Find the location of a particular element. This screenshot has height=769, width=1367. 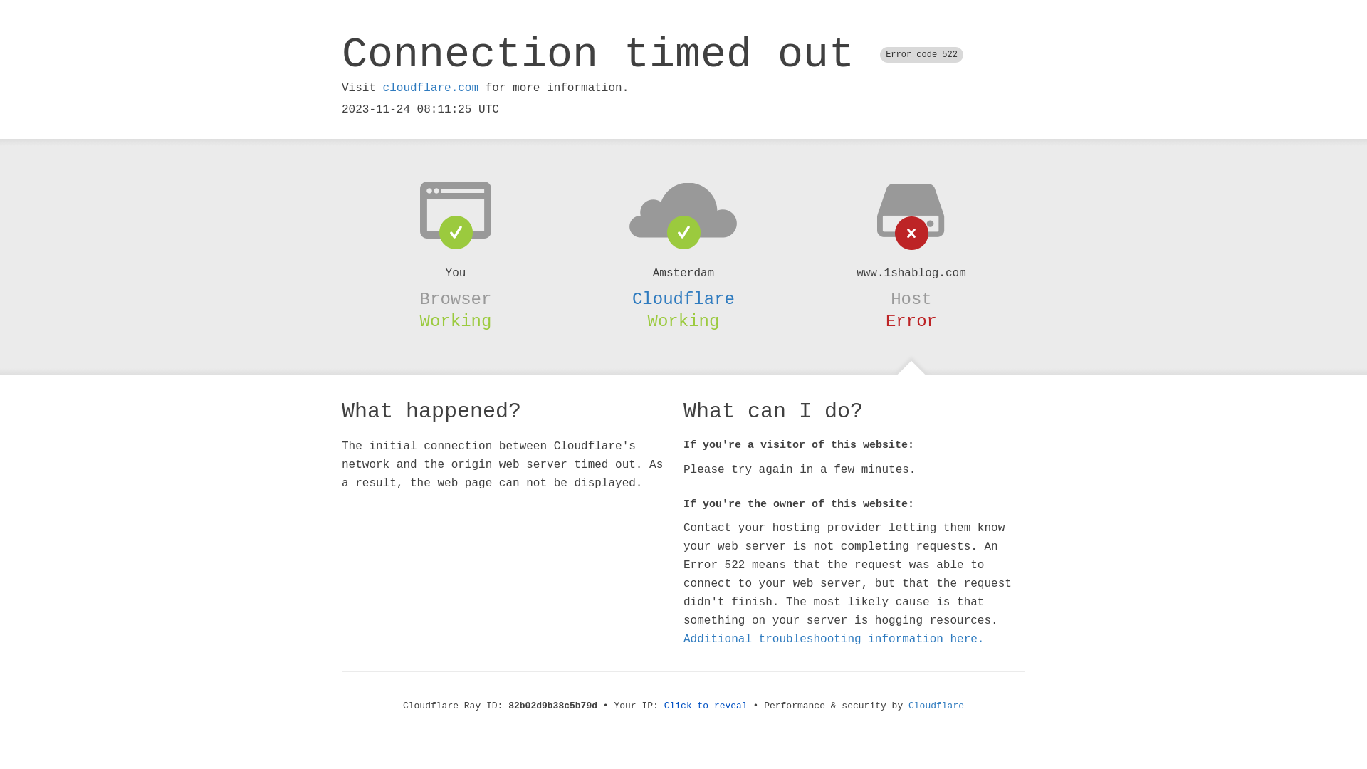

'Cloudflare' is located at coordinates (683, 298).